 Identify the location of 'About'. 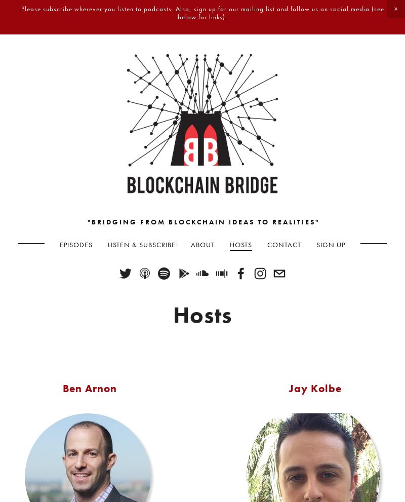
(190, 244).